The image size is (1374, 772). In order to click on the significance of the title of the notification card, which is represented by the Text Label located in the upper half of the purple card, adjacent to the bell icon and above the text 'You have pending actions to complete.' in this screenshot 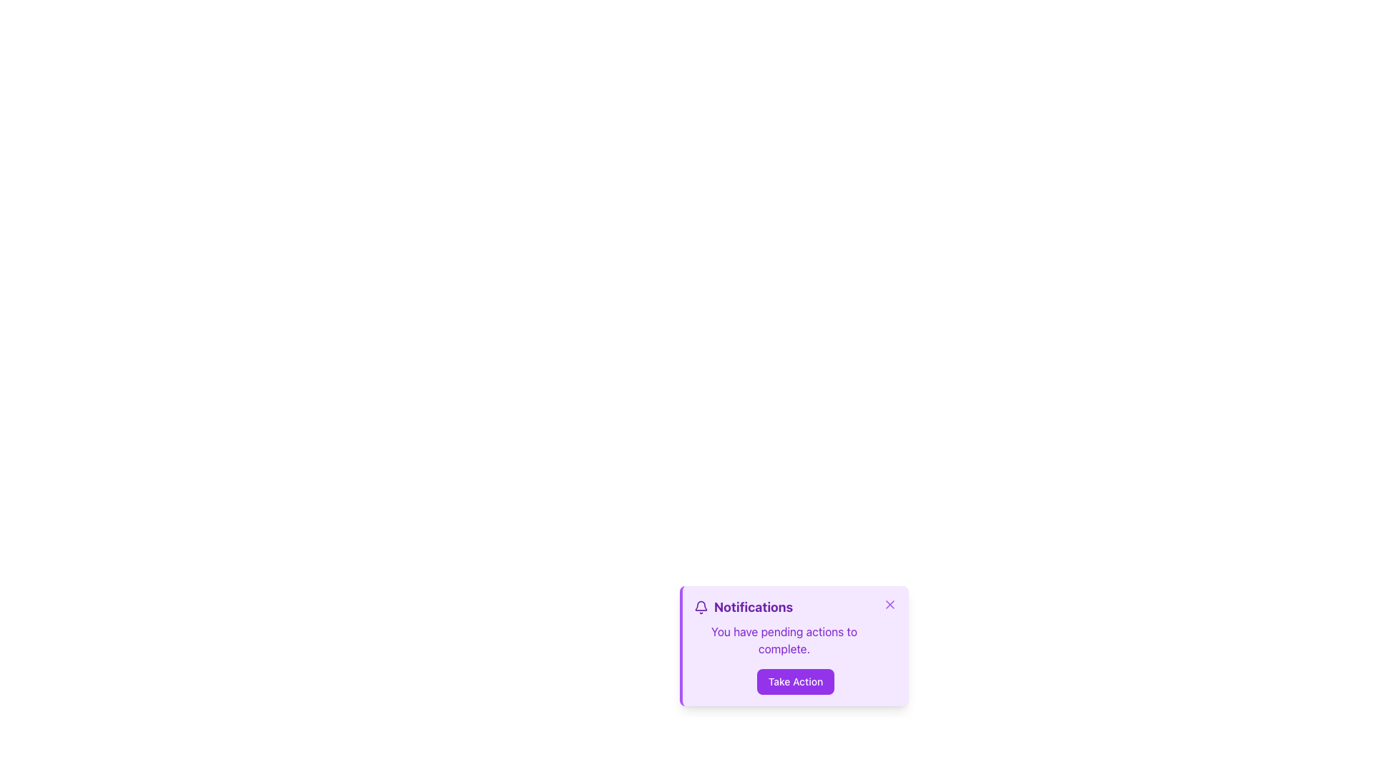, I will do `click(783, 607)`.